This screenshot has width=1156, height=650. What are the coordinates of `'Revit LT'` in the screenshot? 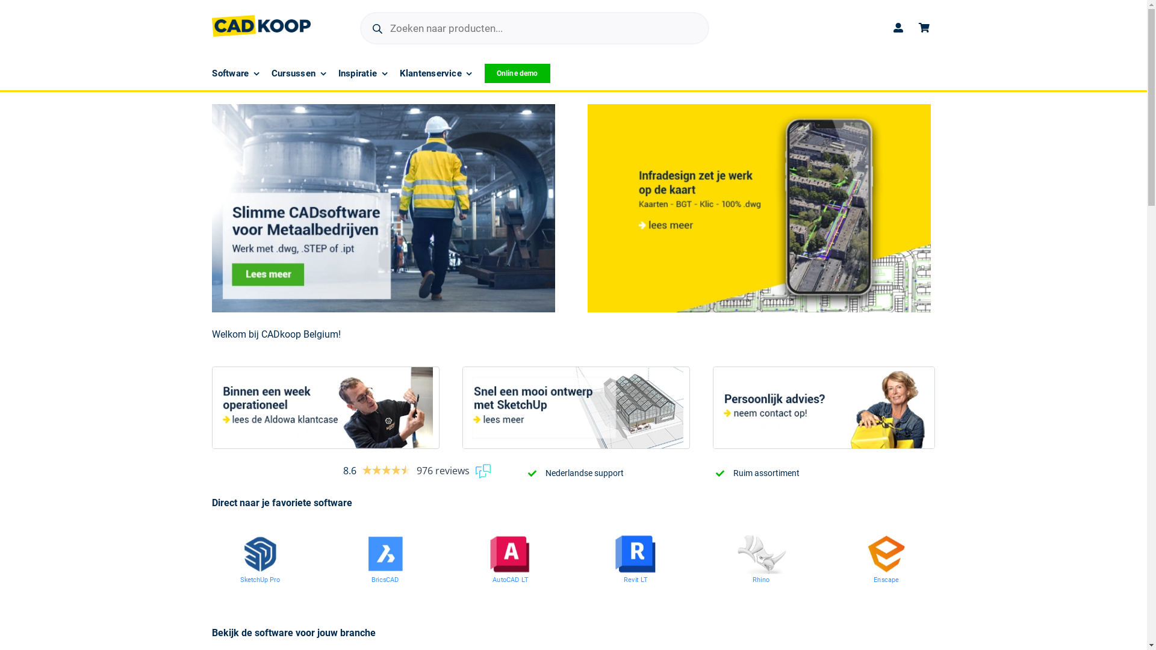 It's located at (641, 580).